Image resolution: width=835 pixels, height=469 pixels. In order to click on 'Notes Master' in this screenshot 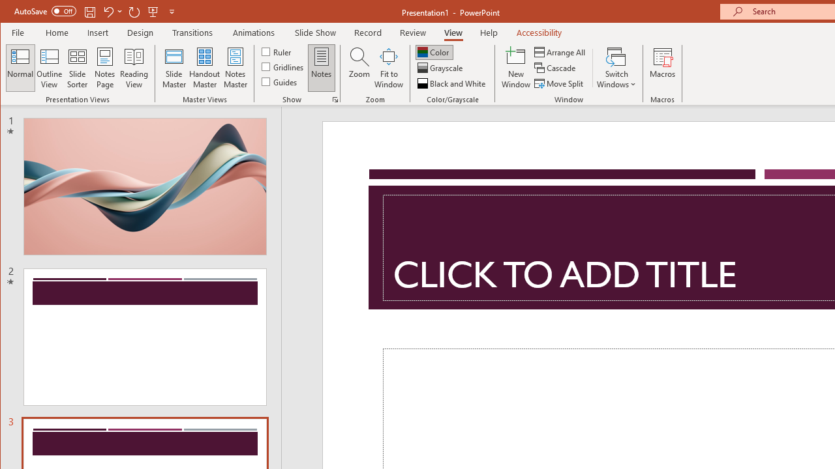, I will do `click(235, 68)`.